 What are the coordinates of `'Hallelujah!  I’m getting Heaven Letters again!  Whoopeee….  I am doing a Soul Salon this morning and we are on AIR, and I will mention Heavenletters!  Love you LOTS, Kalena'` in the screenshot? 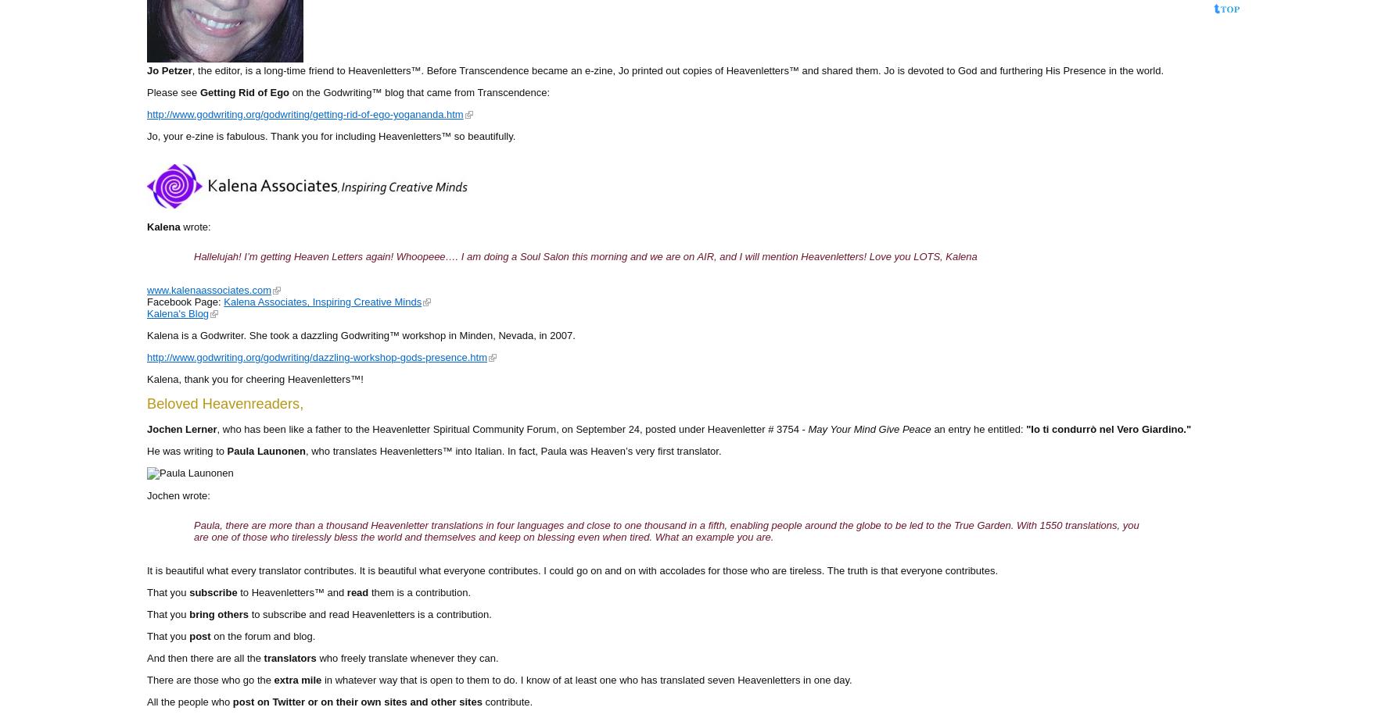 It's located at (584, 255).